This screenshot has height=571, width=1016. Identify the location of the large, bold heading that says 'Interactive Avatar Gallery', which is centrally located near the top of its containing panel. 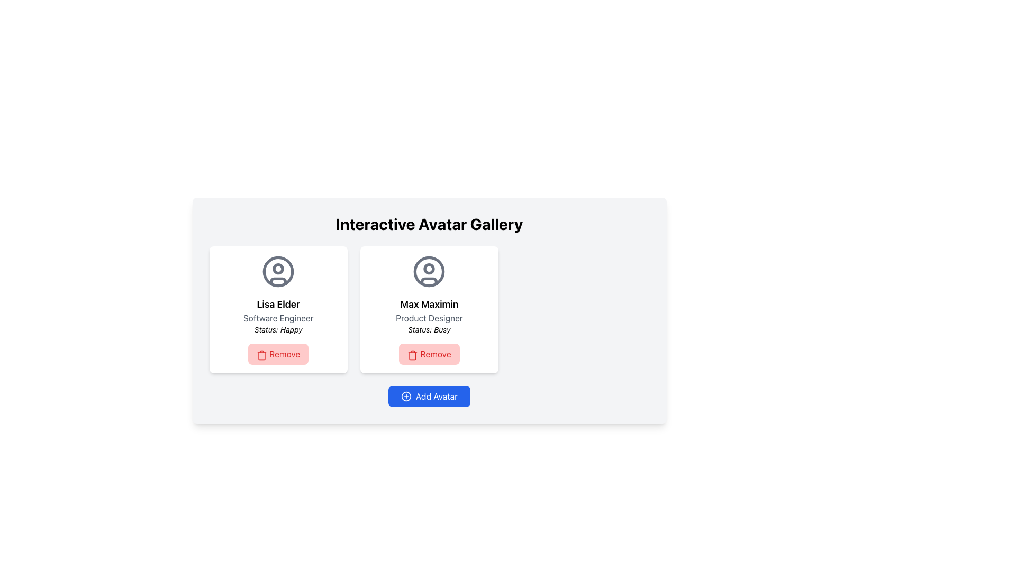
(429, 224).